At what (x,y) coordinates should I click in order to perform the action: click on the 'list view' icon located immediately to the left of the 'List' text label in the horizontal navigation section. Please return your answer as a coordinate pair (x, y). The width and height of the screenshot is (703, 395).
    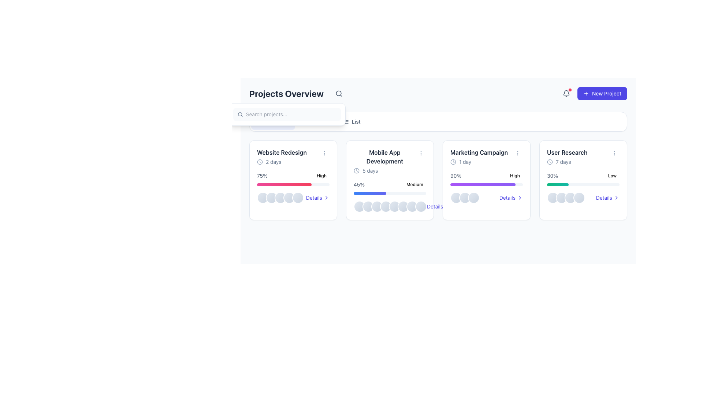
    Looking at the image, I should click on (345, 121).